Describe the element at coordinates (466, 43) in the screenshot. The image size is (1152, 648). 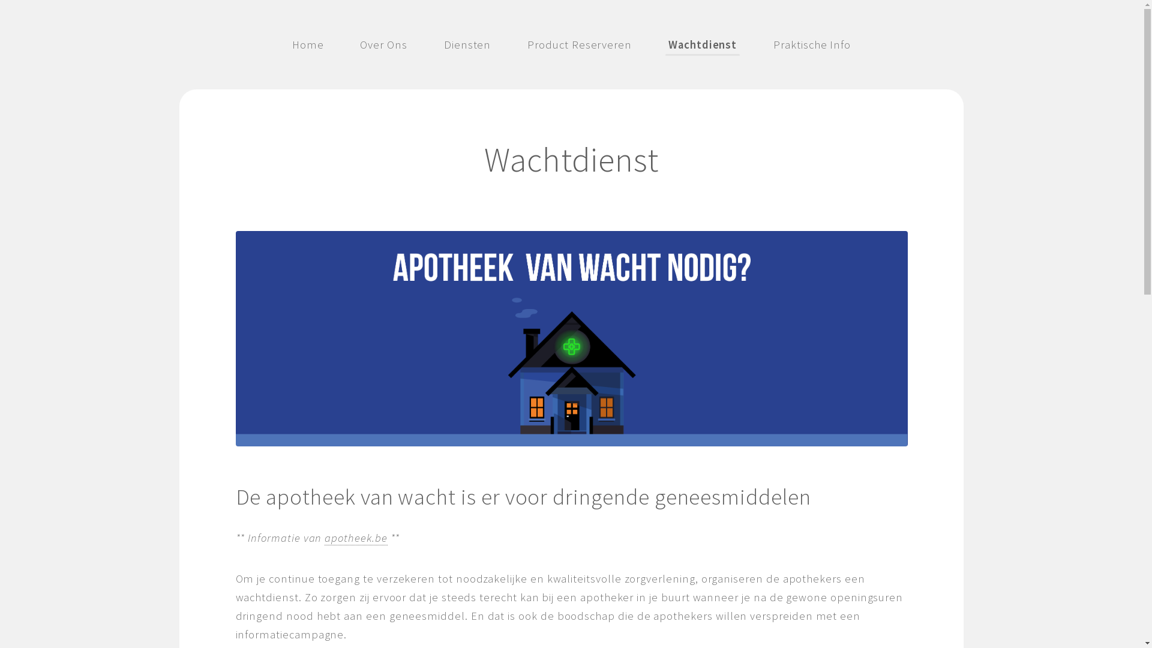
I see `'Diensten'` at that location.